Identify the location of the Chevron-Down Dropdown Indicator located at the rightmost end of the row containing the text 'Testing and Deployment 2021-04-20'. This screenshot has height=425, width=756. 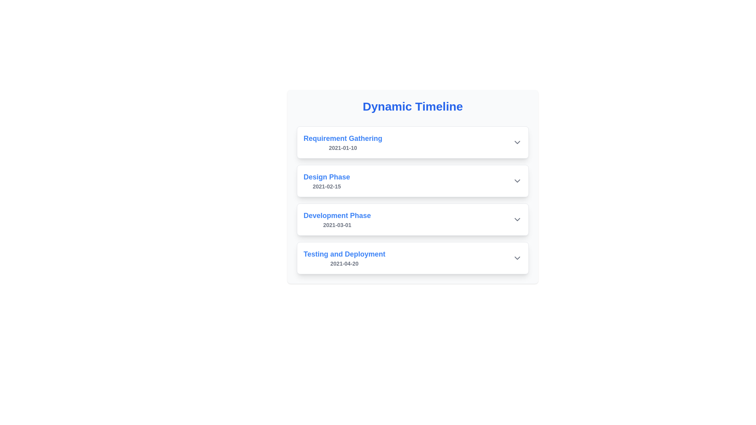
(517, 258).